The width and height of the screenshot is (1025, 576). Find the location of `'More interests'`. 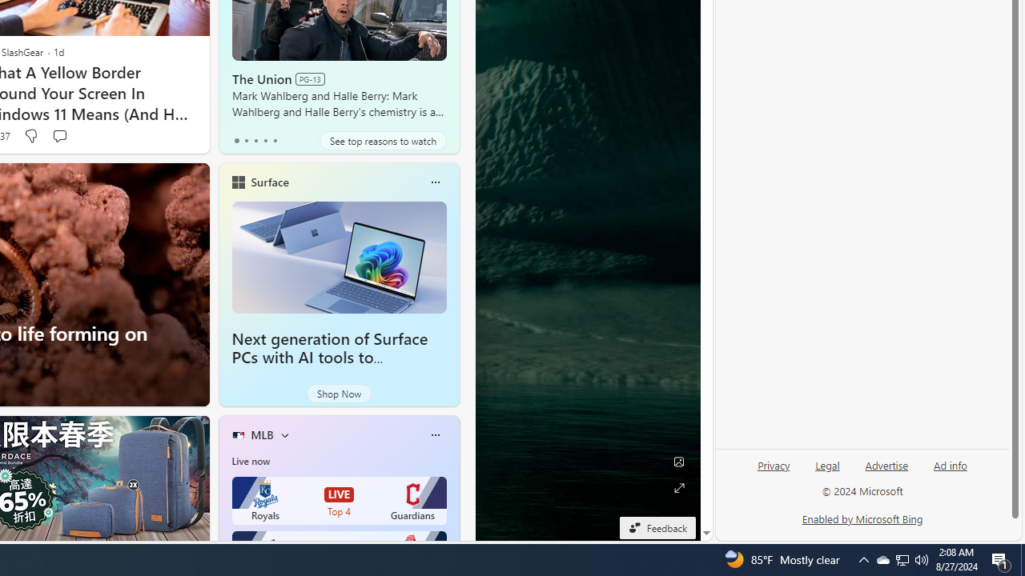

'More interests' is located at coordinates (284, 434).